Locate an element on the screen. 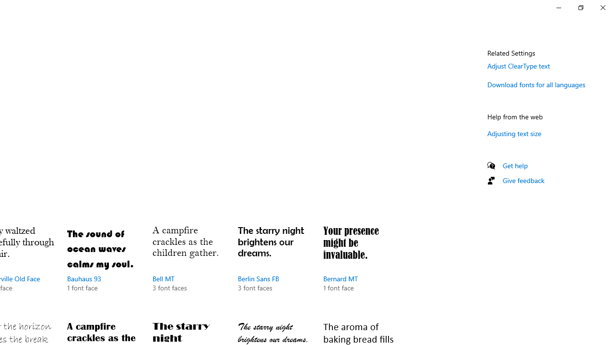 Image resolution: width=614 pixels, height=345 pixels. 'Berlin Sans FB, 3 font faces' is located at coordinates (273, 268).